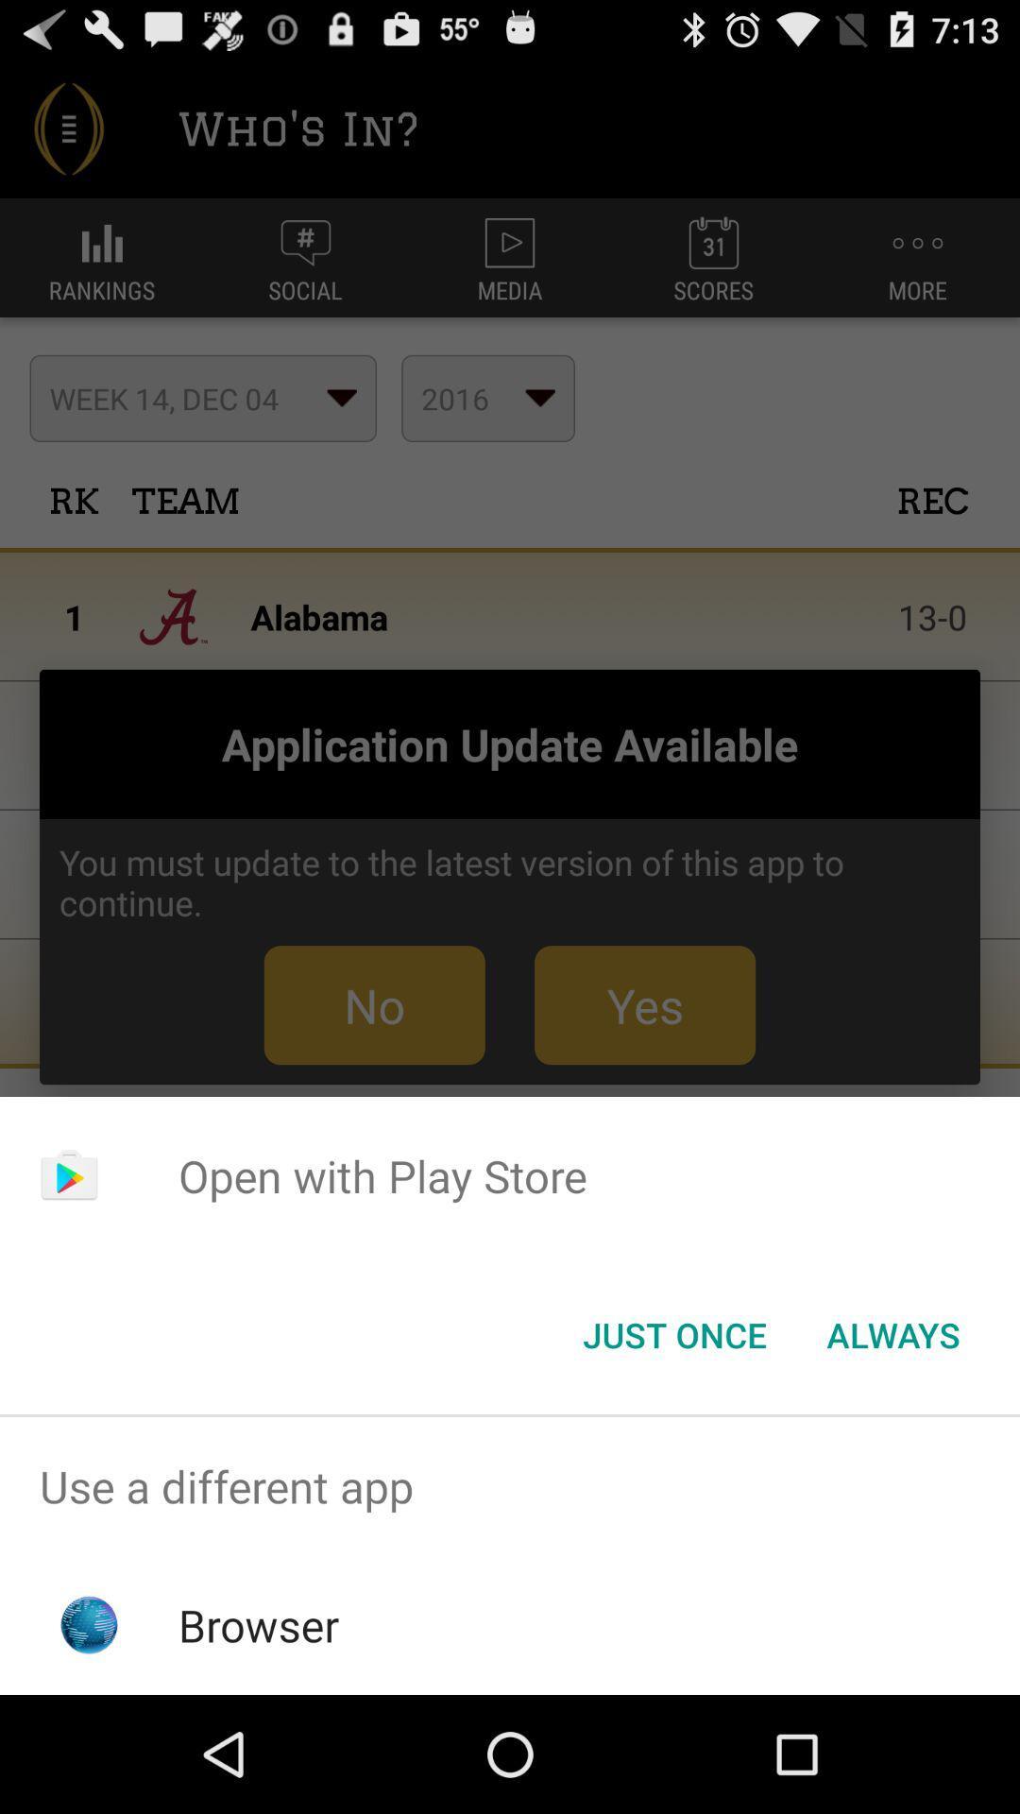 This screenshot has width=1020, height=1814. I want to click on the always icon, so click(892, 1333).